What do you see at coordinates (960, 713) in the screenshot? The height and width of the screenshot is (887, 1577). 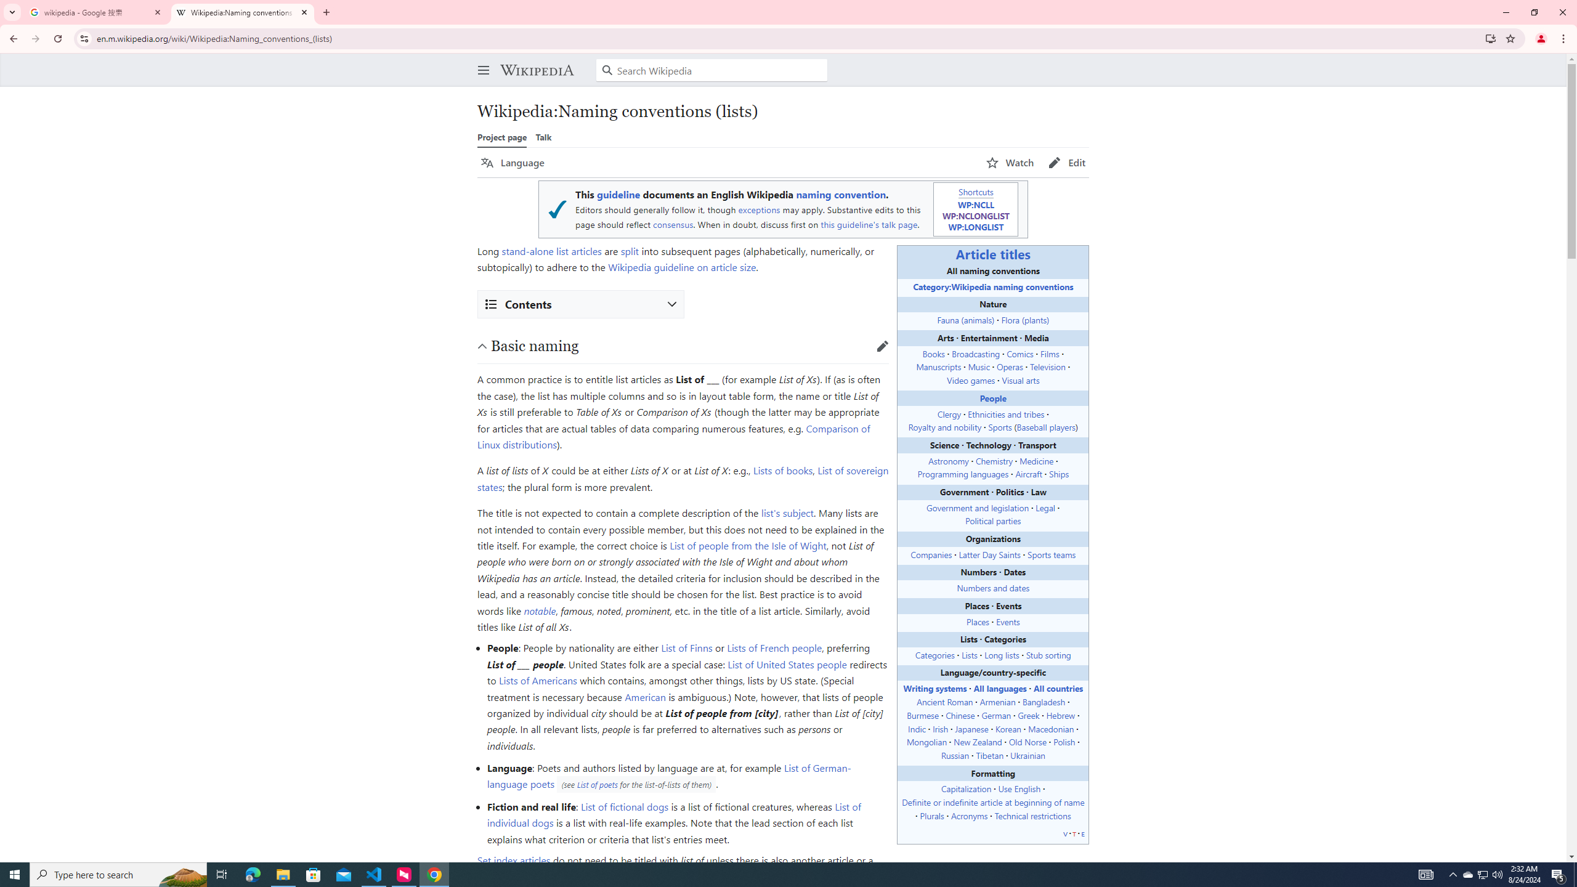 I see `'Chinese'` at bounding box center [960, 713].